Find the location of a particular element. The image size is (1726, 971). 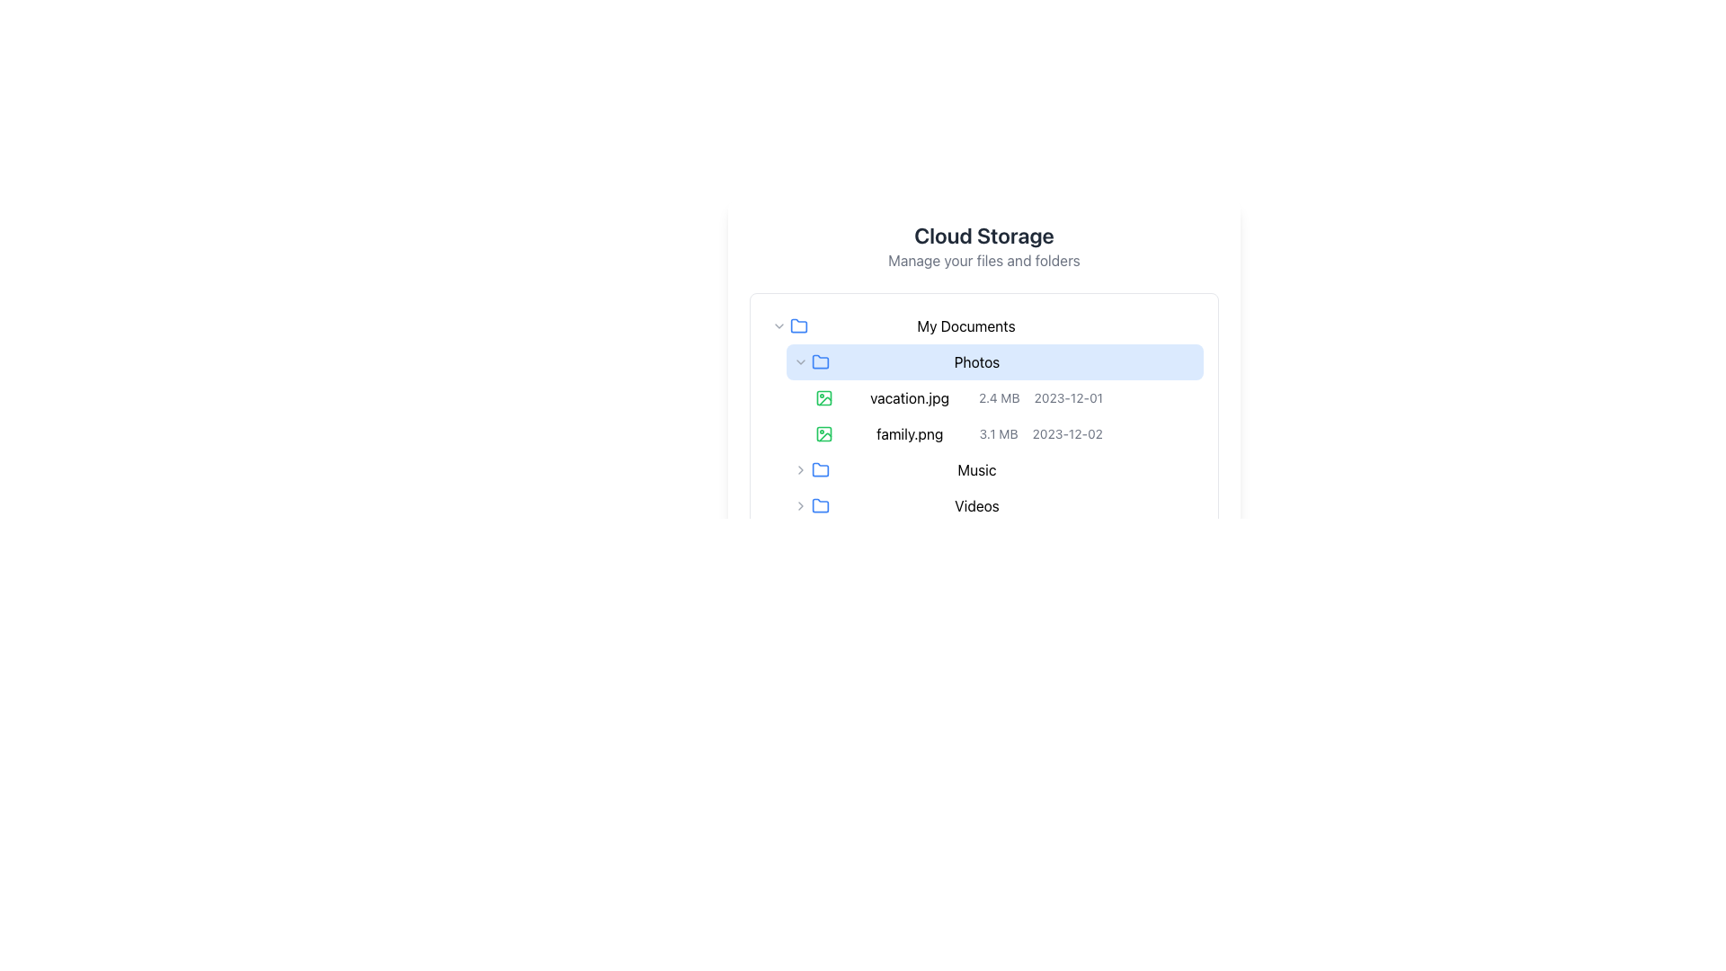

the first file item row in the 'Photos' folder of the 'Cloud Storage' interface is located at coordinates (983, 397).